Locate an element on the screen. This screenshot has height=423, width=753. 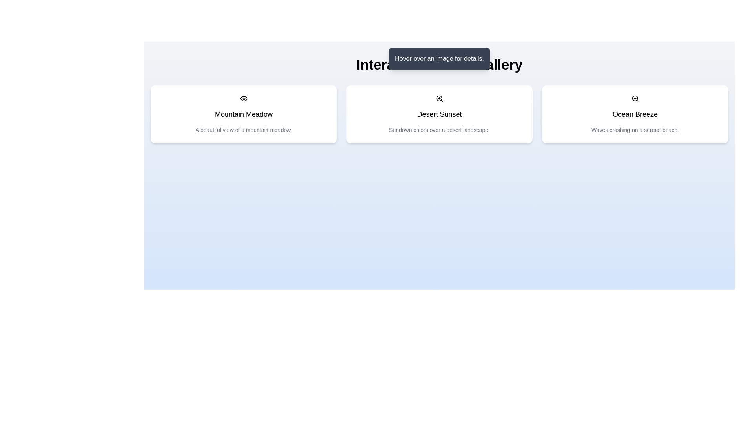
the graphical component of the zoom-in icon located at the center of the icon above the 'Desert Sunset' card is located at coordinates (438, 98).